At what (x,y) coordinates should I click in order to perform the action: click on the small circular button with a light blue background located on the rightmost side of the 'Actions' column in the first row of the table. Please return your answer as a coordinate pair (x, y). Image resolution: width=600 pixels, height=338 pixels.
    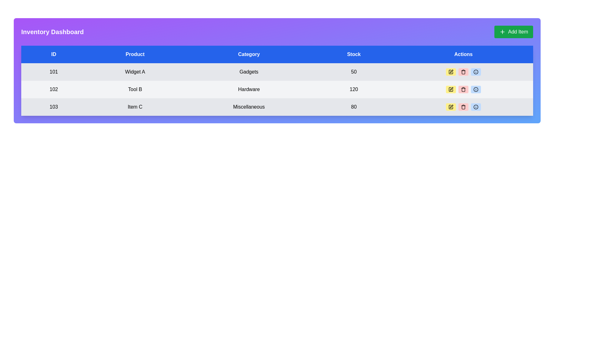
    Looking at the image, I should click on (475, 72).